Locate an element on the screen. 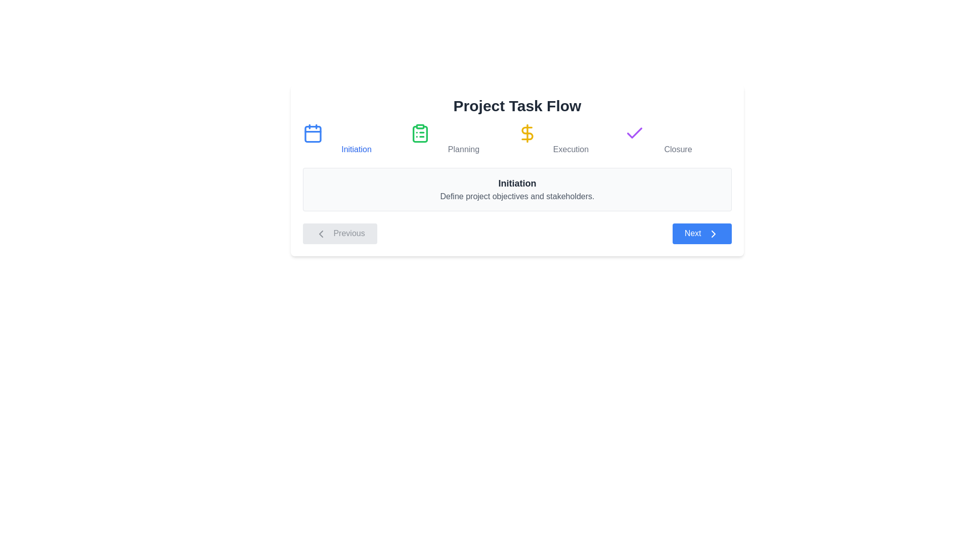 Image resolution: width=971 pixels, height=546 pixels. the instructional text element located in the 'Initiation' section, positioned below the title 'Initiation' and centered horizontally on the page is located at coordinates (517, 197).